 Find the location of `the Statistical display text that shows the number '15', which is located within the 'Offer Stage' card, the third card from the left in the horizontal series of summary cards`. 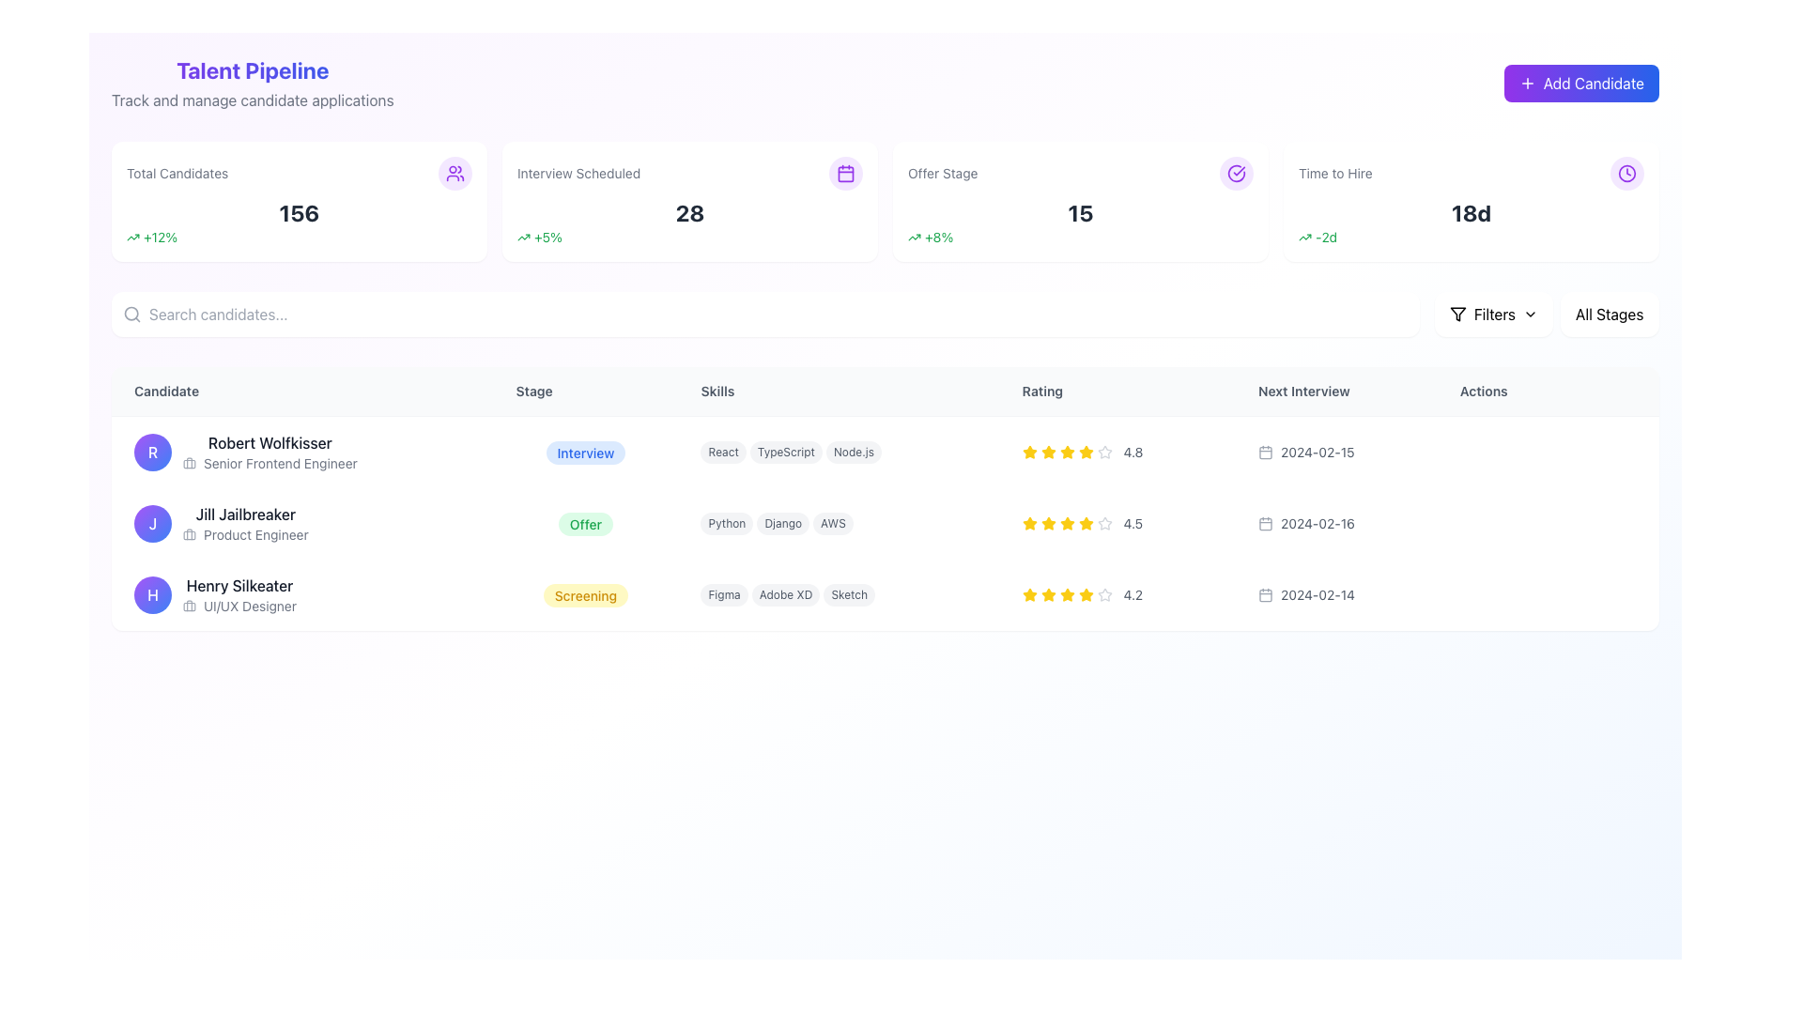

the Statistical display text that shows the number '15', which is located within the 'Offer Stage' card, the third card from the left in the horizontal series of summary cards is located at coordinates (1081, 212).